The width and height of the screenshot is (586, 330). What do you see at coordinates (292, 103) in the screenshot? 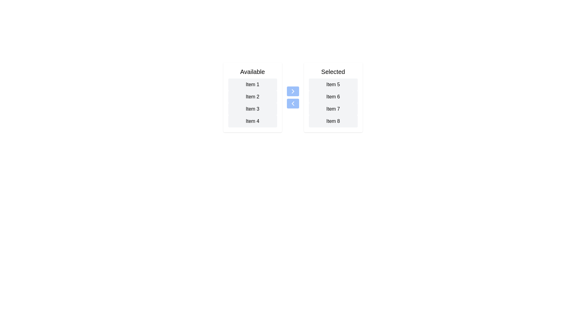
I see `the button that transfers items from the 'Selected' list back to the 'Available' list` at bounding box center [292, 103].